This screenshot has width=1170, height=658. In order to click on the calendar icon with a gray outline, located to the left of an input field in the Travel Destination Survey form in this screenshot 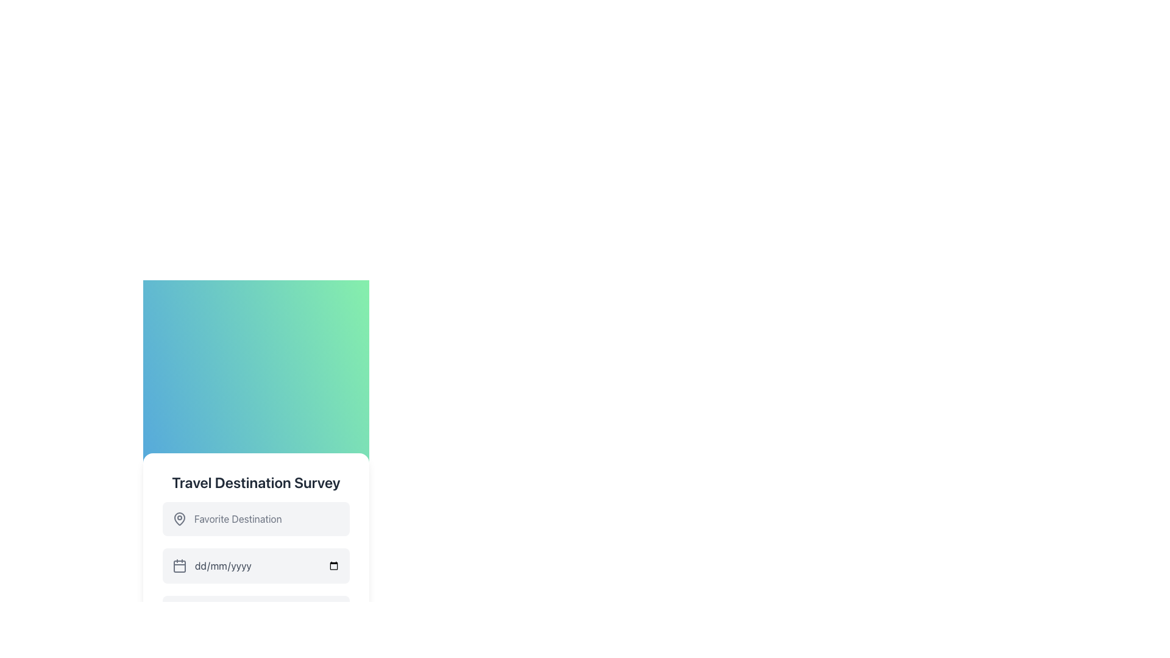, I will do `click(179, 566)`.